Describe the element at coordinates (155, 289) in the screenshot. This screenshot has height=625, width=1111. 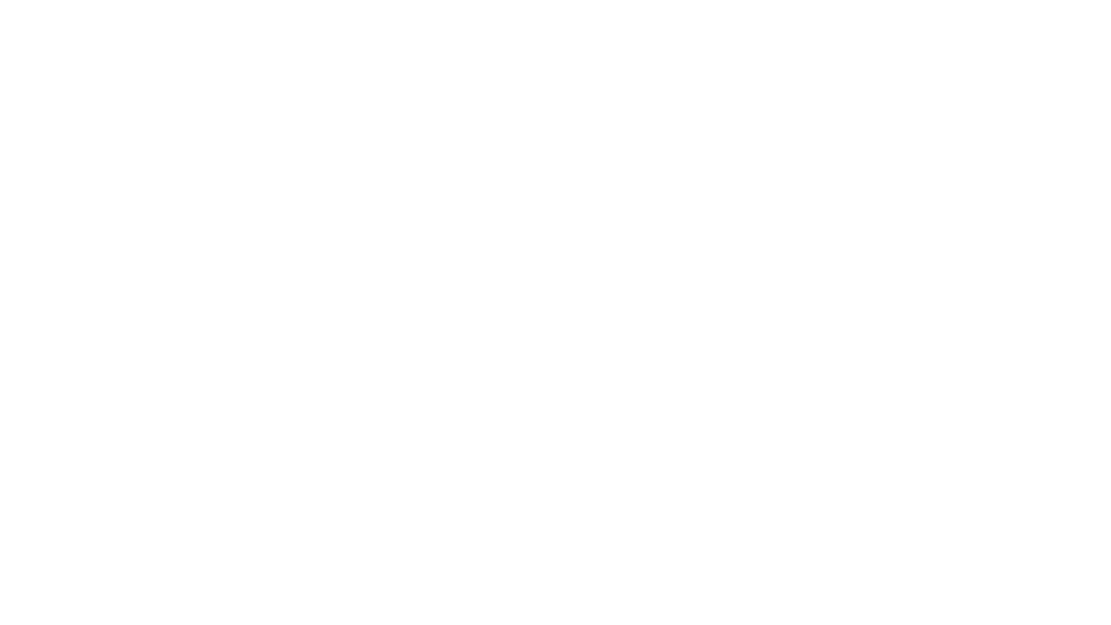
I see `Play Episode 4: Grant Howitt by No One Wants to Hear Your RPG Stories` at that location.